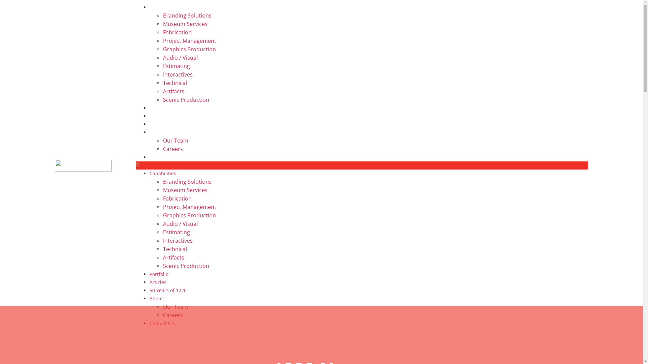  Describe the element at coordinates (162, 266) in the screenshot. I see `'Scenic Production'` at that location.